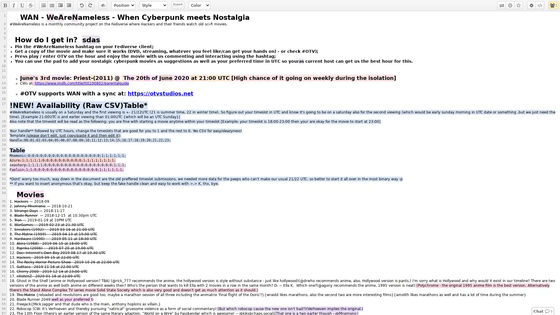  Describe the element at coordinates (43, 5) in the screenshot. I see `Ordered list (Ctrl+Shift+N)` at that location.